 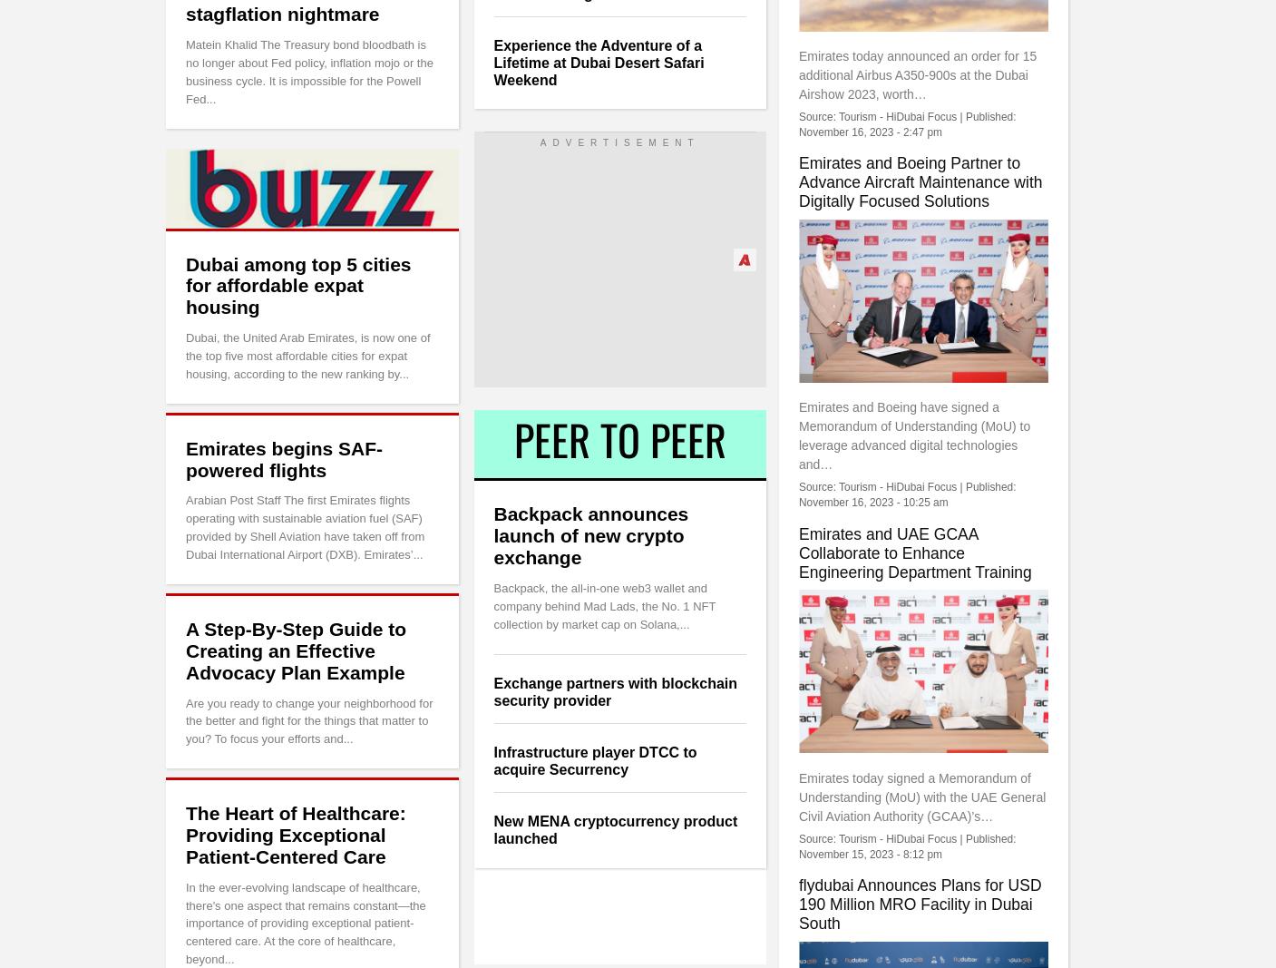 What do you see at coordinates (870, 853) in the screenshot?
I see `'November 15, 2023 - 8:12 pm'` at bounding box center [870, 853].